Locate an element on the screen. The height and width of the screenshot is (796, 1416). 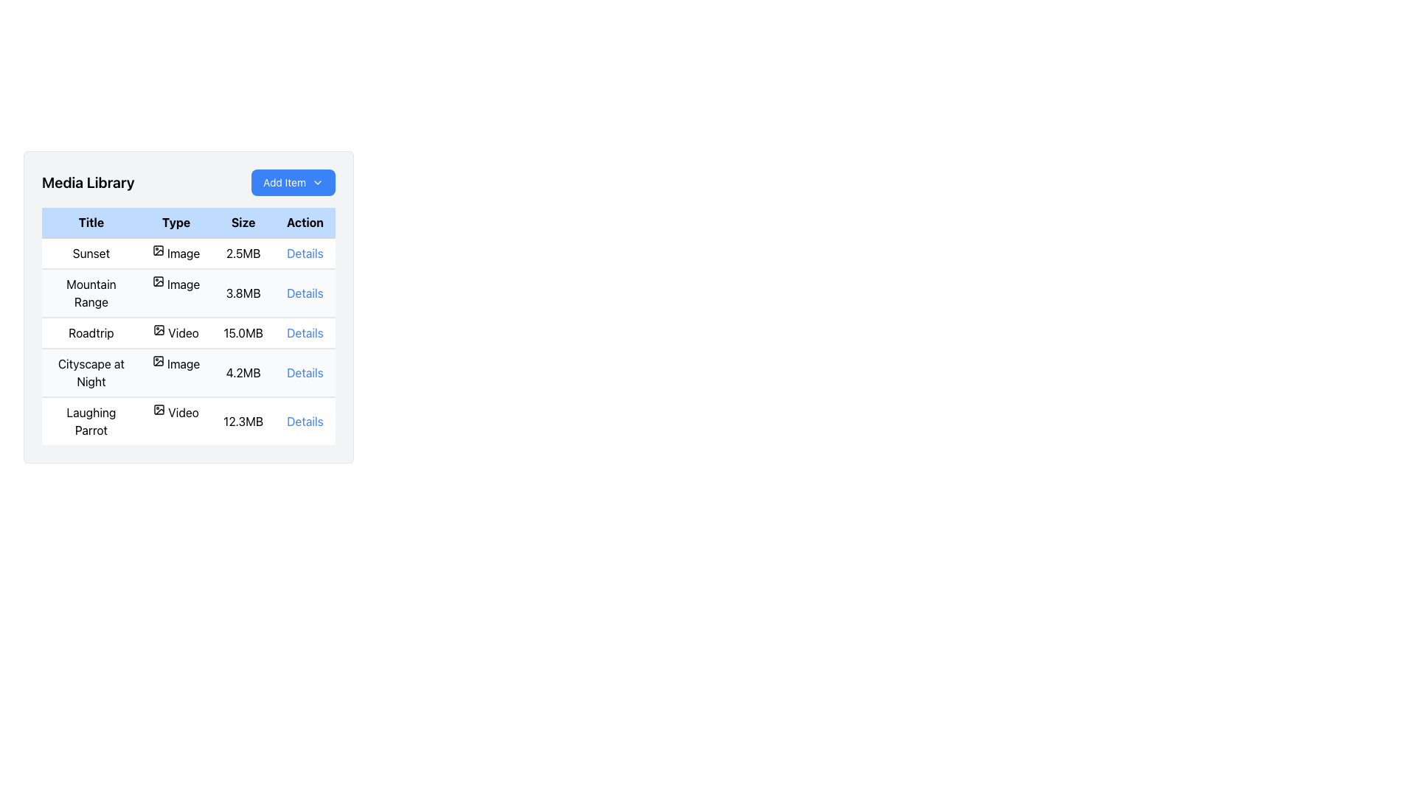
the hyperlink in the 'Action' column corresponding to the 'Sunset' entry in the table is located at coordinates (304, 252).